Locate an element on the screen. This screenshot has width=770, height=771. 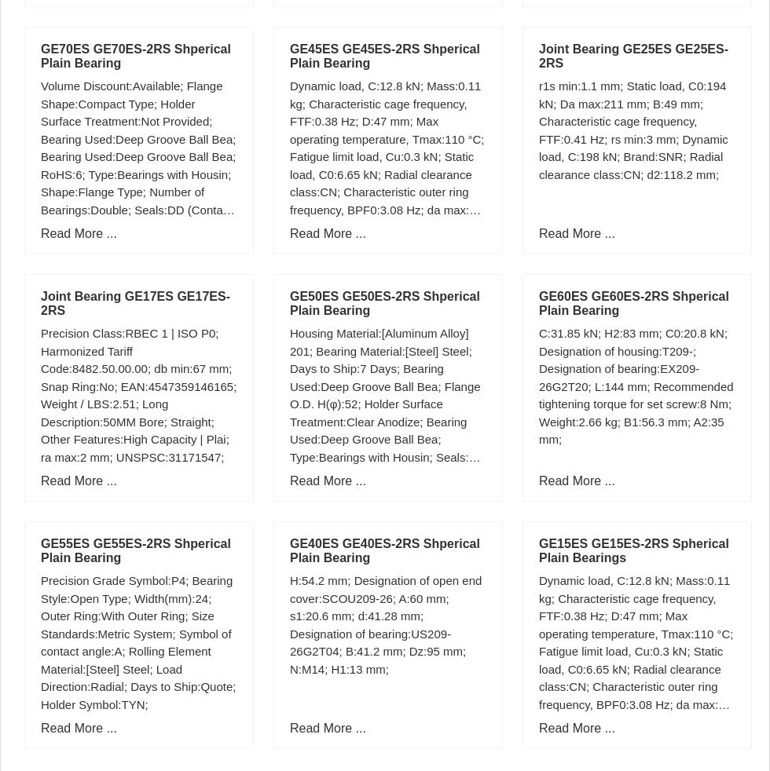
'GE60ES GE60ES-2RS Shperical Plain Bearing' is located at coordinates (539, 303).